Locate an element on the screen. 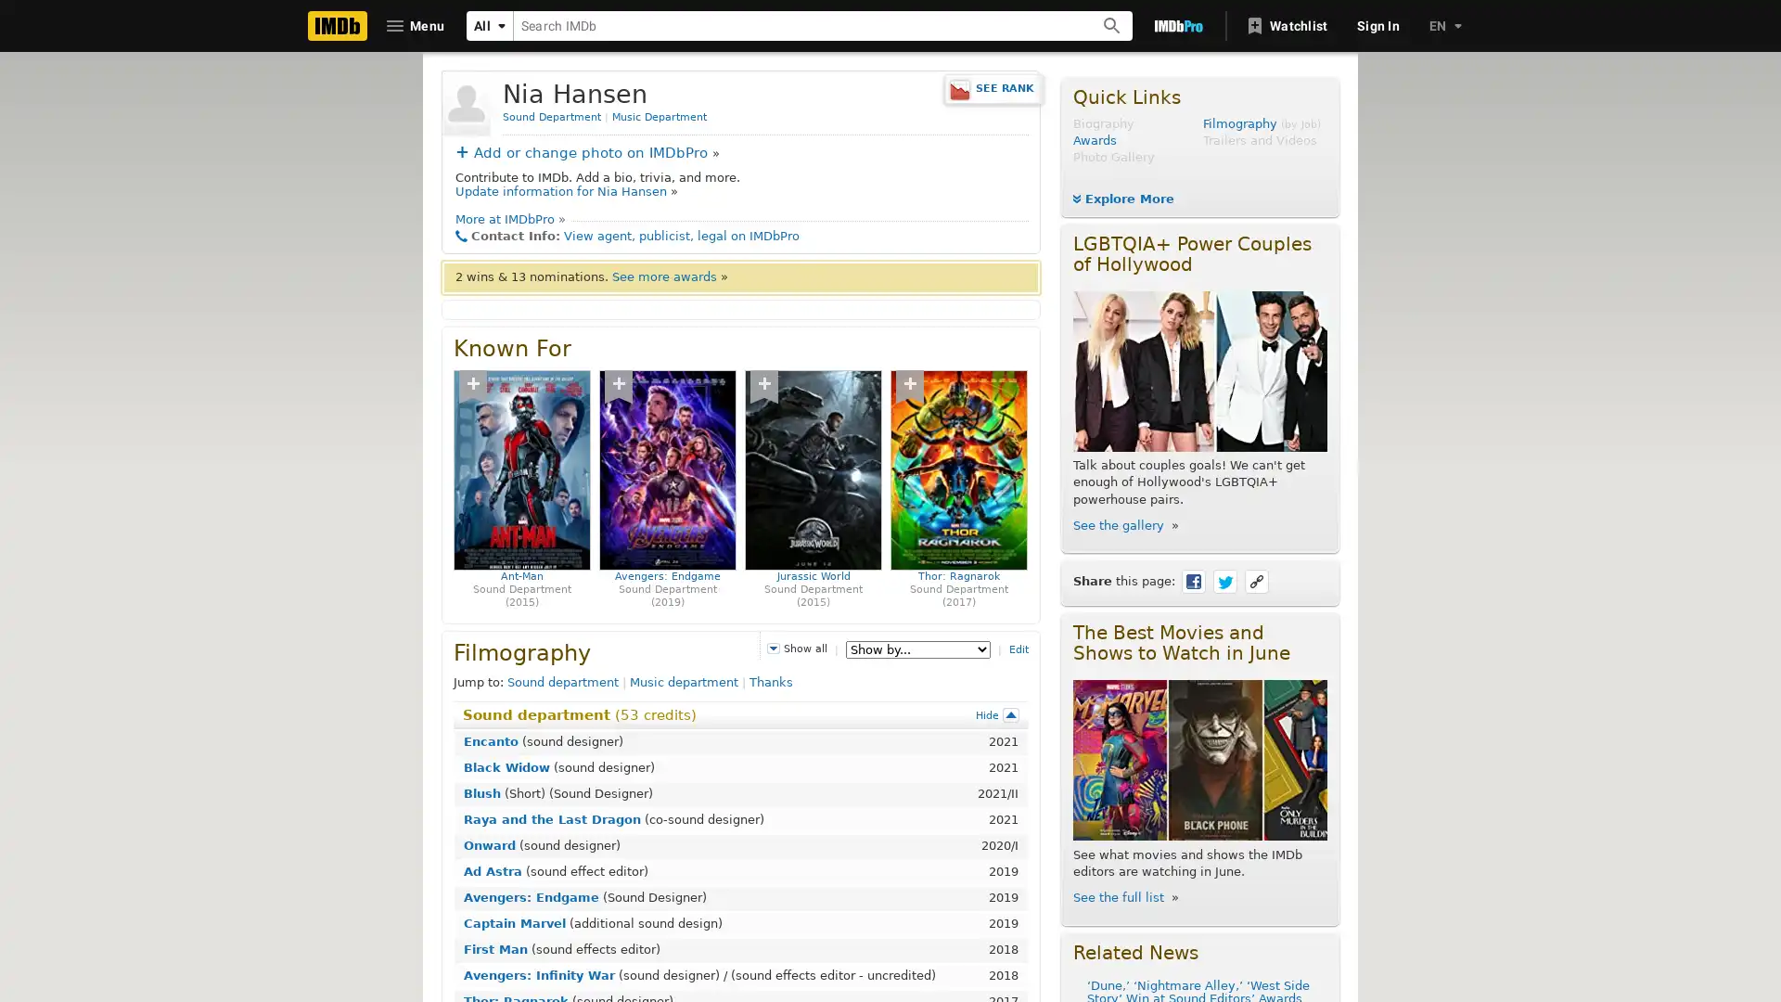 Image resolution: width=1781 pixels, height=1002 pixels. Toggle language selector is located at coordinates (1442, 25).